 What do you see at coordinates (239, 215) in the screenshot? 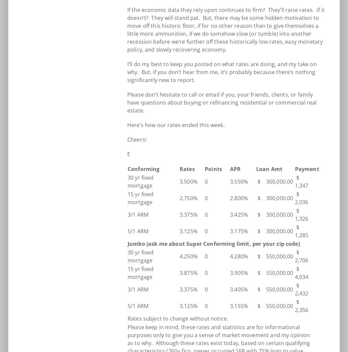
I see `'3.425%'` at bounding box center [239, 215].